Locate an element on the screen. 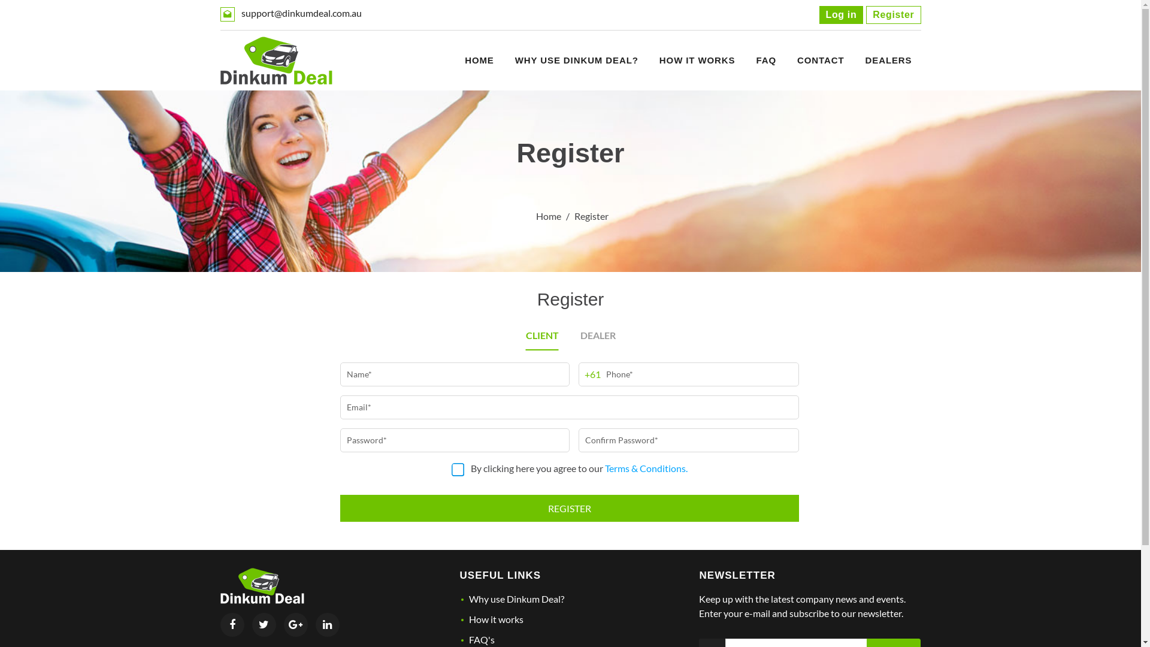  'Terms & Conditions.' is located at coordinates (646, 465).